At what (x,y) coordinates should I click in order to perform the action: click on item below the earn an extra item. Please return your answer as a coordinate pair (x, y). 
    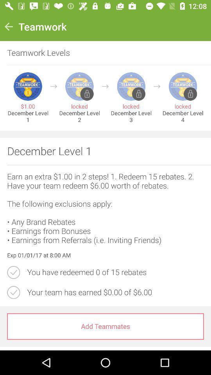
    Looking at the image, I should click on (105, 255).